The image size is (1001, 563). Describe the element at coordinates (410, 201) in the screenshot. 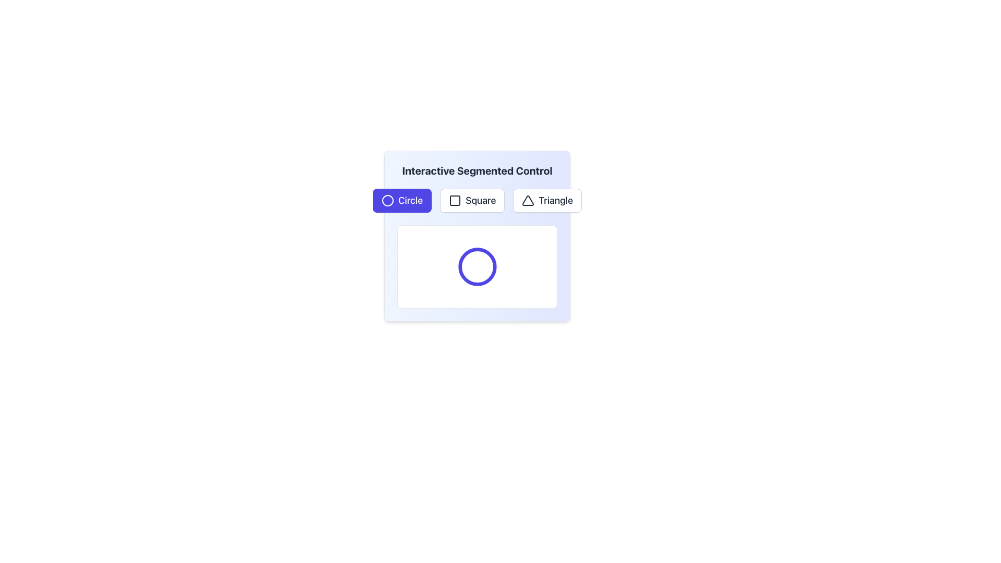

I see `the text label associated with the selected radio button, located within the blue interactive button to the right of the radio icon` at that location.